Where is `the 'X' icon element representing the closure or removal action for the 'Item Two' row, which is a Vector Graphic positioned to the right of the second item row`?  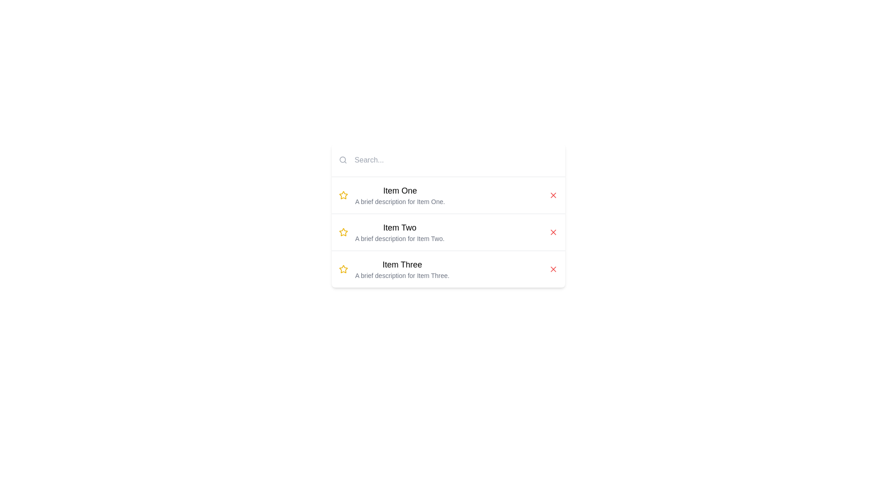 the 'X' icon element representing the closure or removal action for the 'Item Two' row, which is a Vector Graphic positioned to the right of the second item row is located at coordinates (553, 232).